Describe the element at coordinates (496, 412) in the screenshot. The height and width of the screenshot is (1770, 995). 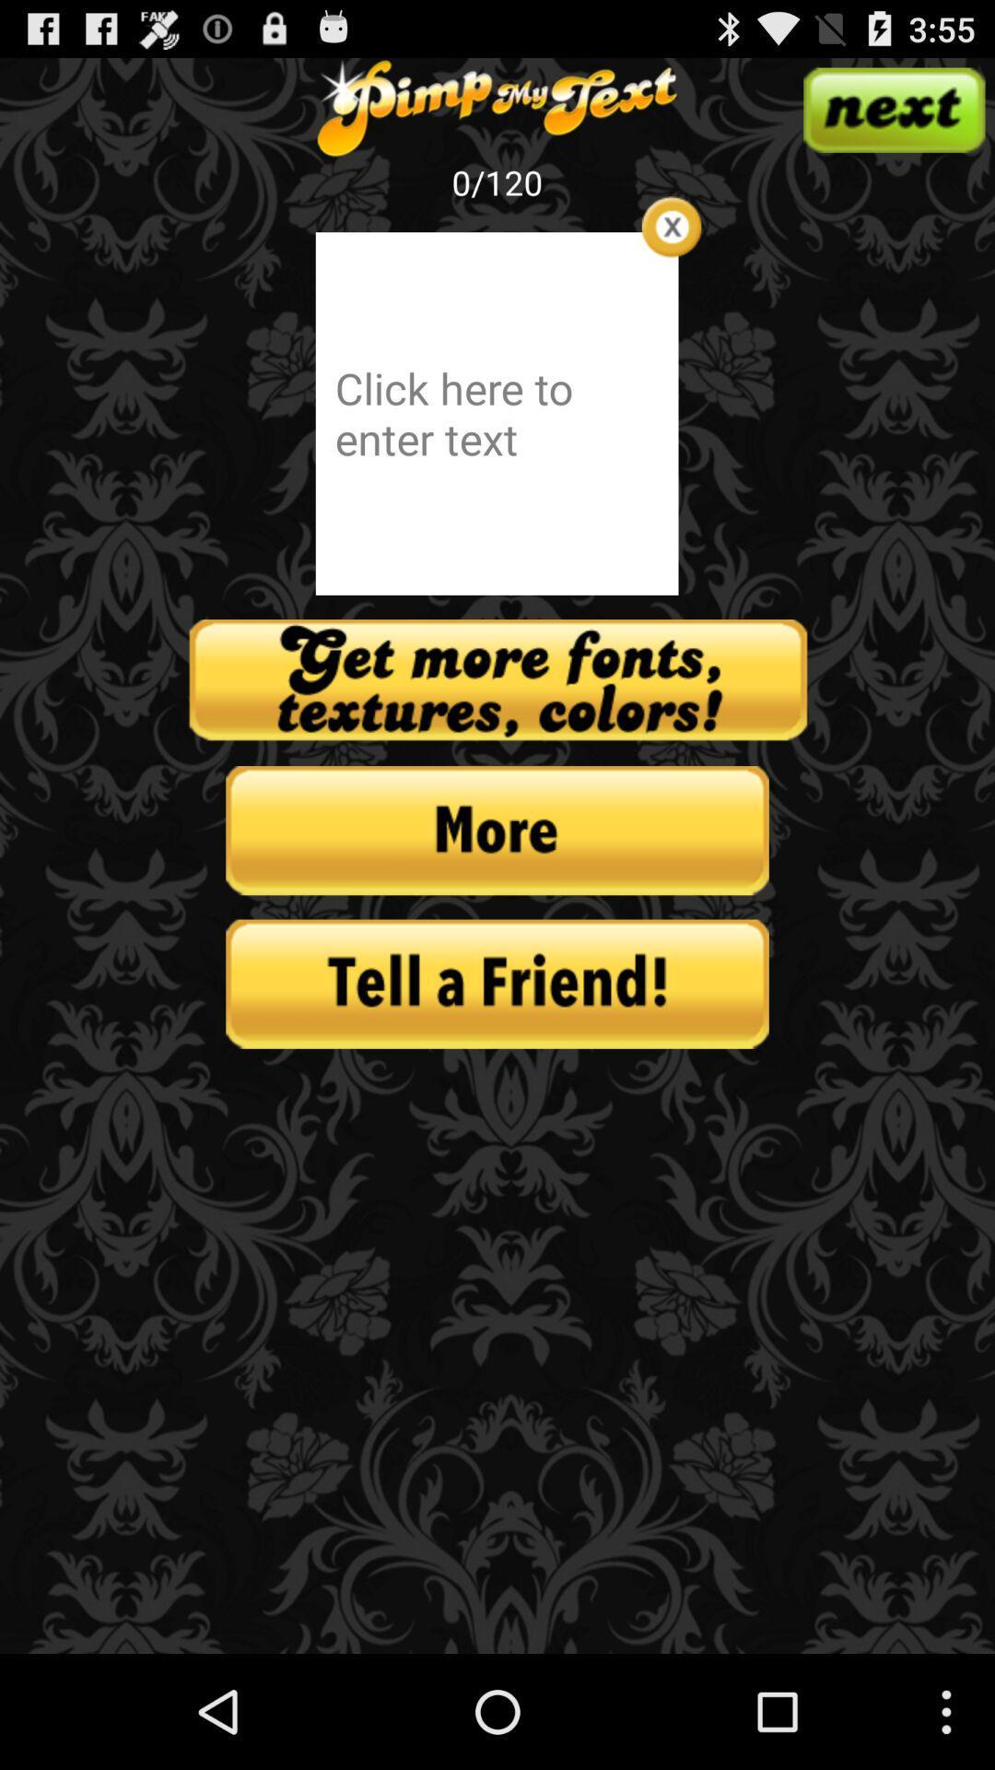
I see `click here` at that location.